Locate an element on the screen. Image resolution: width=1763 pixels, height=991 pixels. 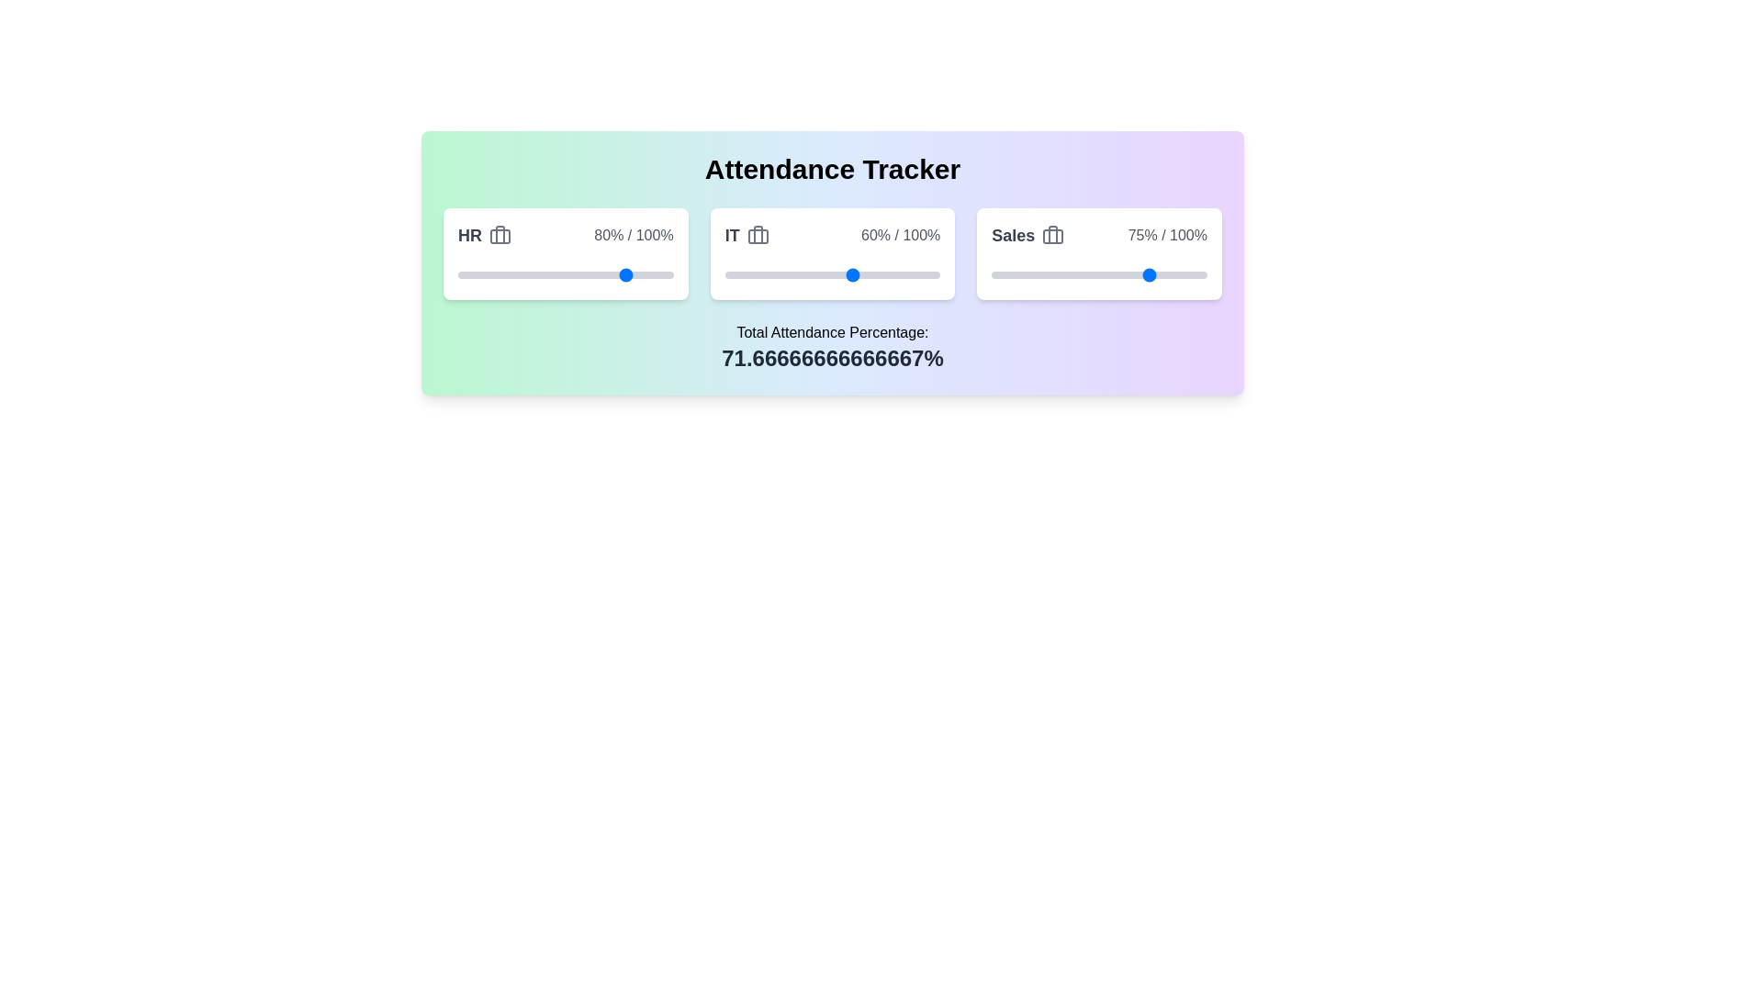
HR attendance percentage is located at coordinates (586, 275).